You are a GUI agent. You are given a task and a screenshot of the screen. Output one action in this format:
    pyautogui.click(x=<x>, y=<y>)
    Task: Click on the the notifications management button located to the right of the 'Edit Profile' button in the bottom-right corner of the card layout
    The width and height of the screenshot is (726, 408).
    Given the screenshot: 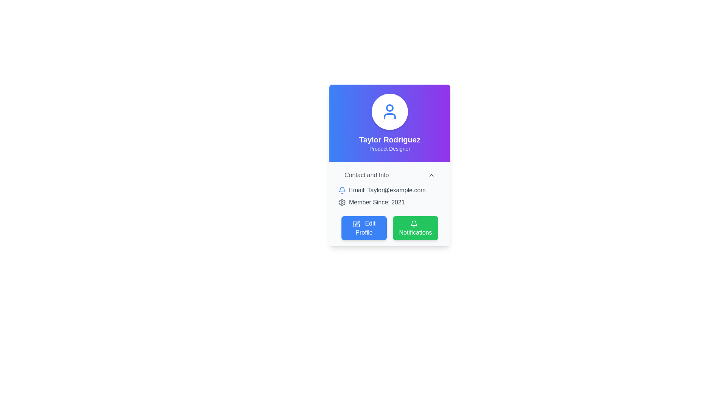 What is the action you would take?
    pyautogui.click(x=415, y=228)
    